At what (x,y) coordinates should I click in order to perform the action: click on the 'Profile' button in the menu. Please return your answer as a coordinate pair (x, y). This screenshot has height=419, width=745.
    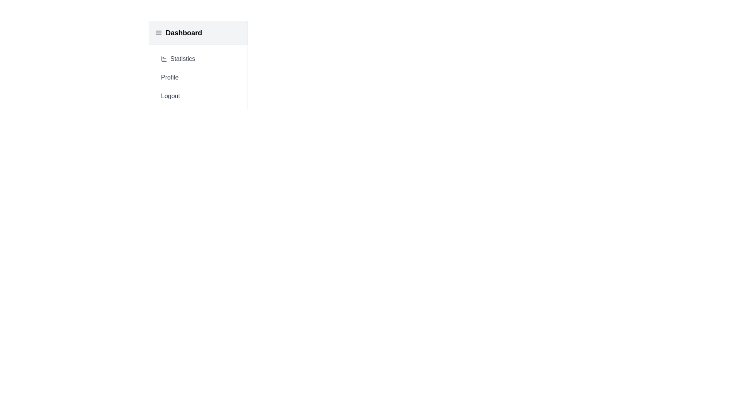
    Looking at the image, I should click on (198, 78).